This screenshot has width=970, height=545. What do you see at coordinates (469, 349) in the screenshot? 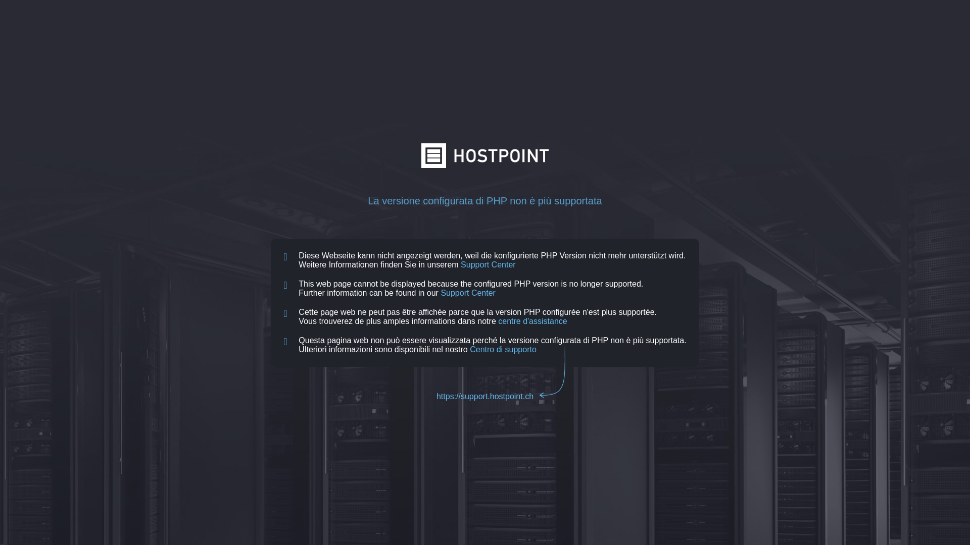
I see `'Centro di supporto'` at bounding box center [469, 349].